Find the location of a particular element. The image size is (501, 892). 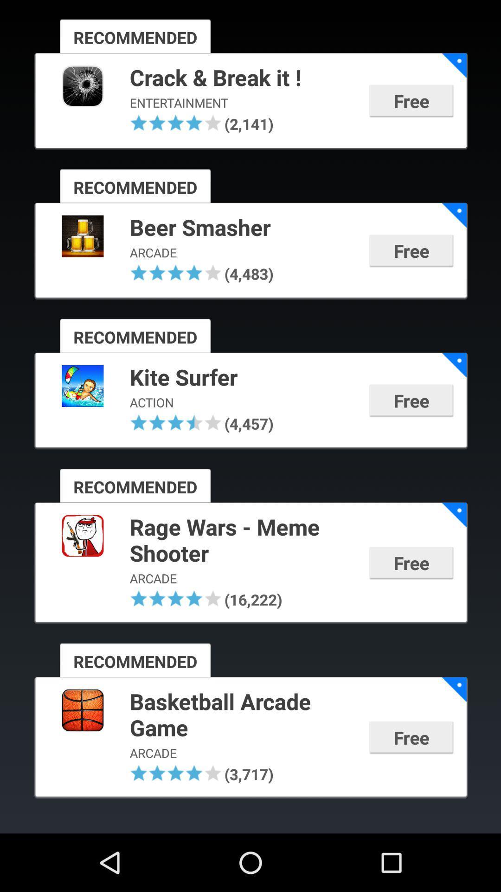

app to the right of kite surfer is located at coordinates (454, 365).